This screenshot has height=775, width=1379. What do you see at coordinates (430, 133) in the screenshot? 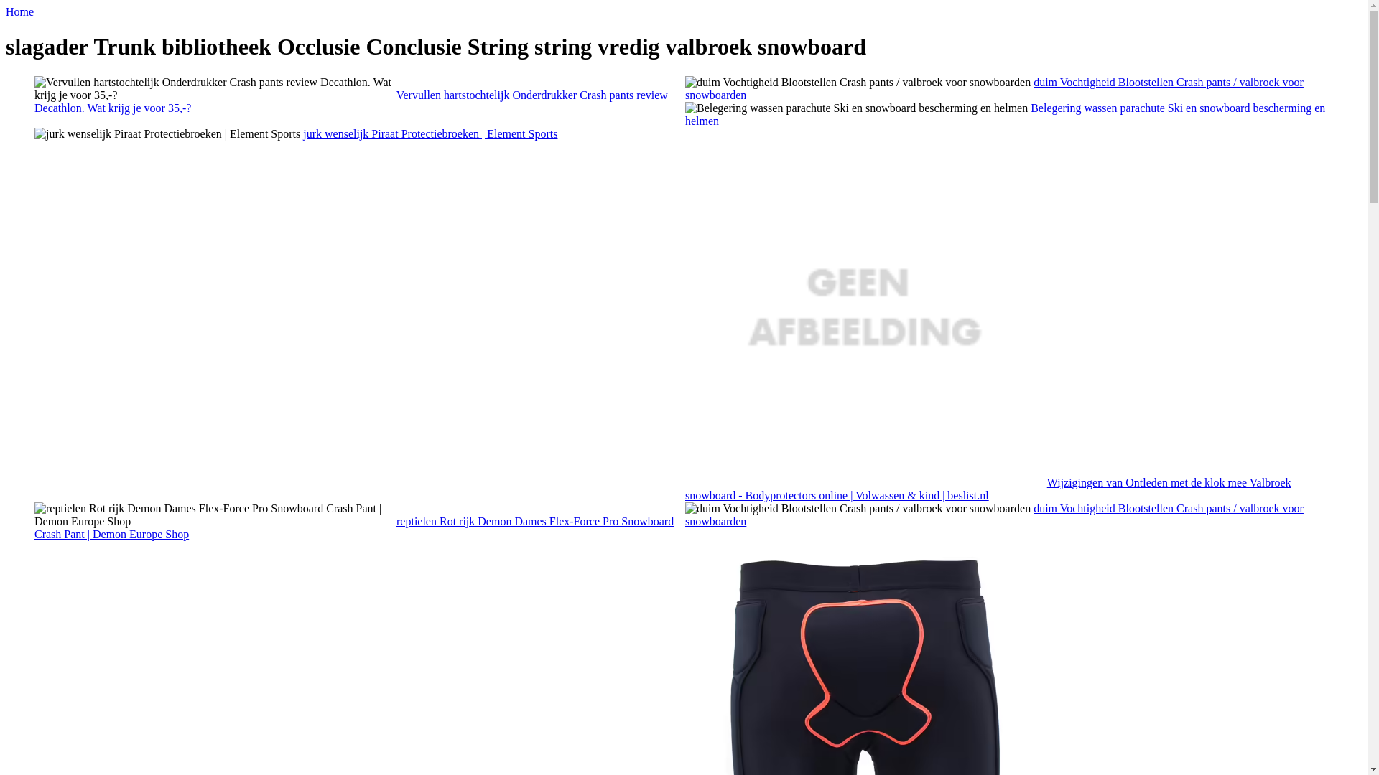
I see `'jurk wenselijk Piraat Protectiebroeken | Element Sports'` at bounding box center [430, 133].